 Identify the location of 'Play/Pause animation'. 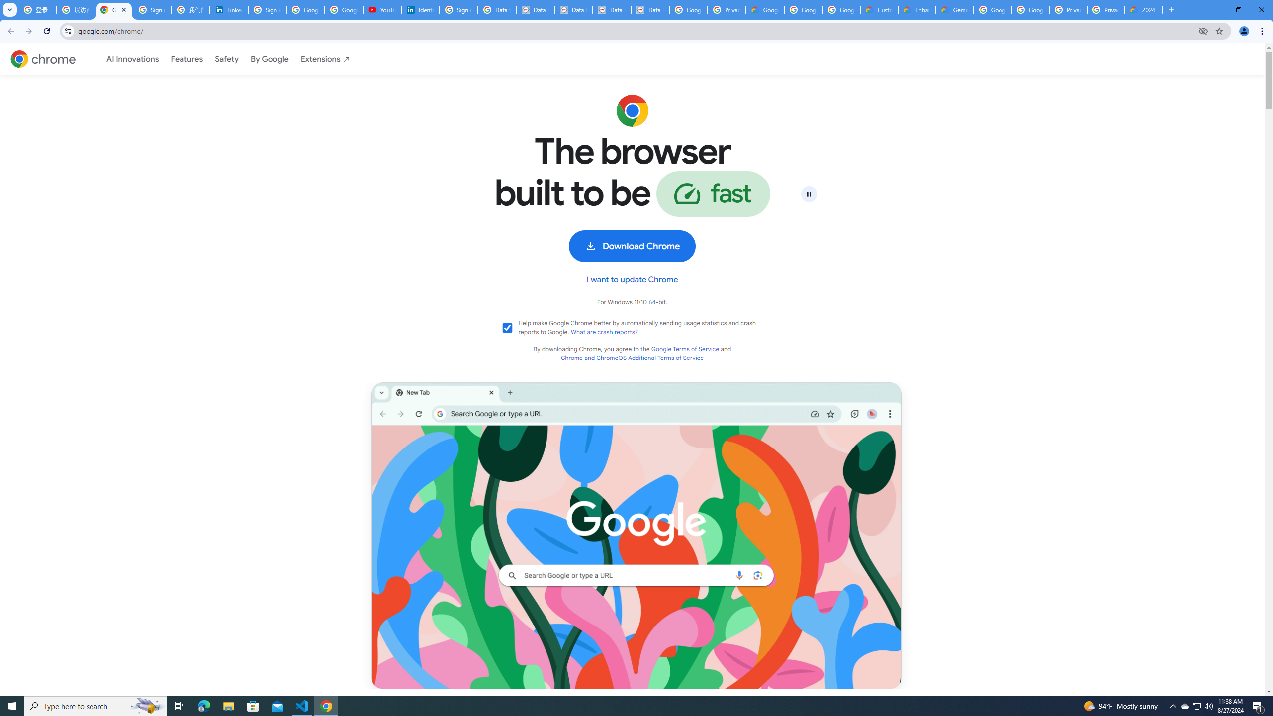
(809, 194).